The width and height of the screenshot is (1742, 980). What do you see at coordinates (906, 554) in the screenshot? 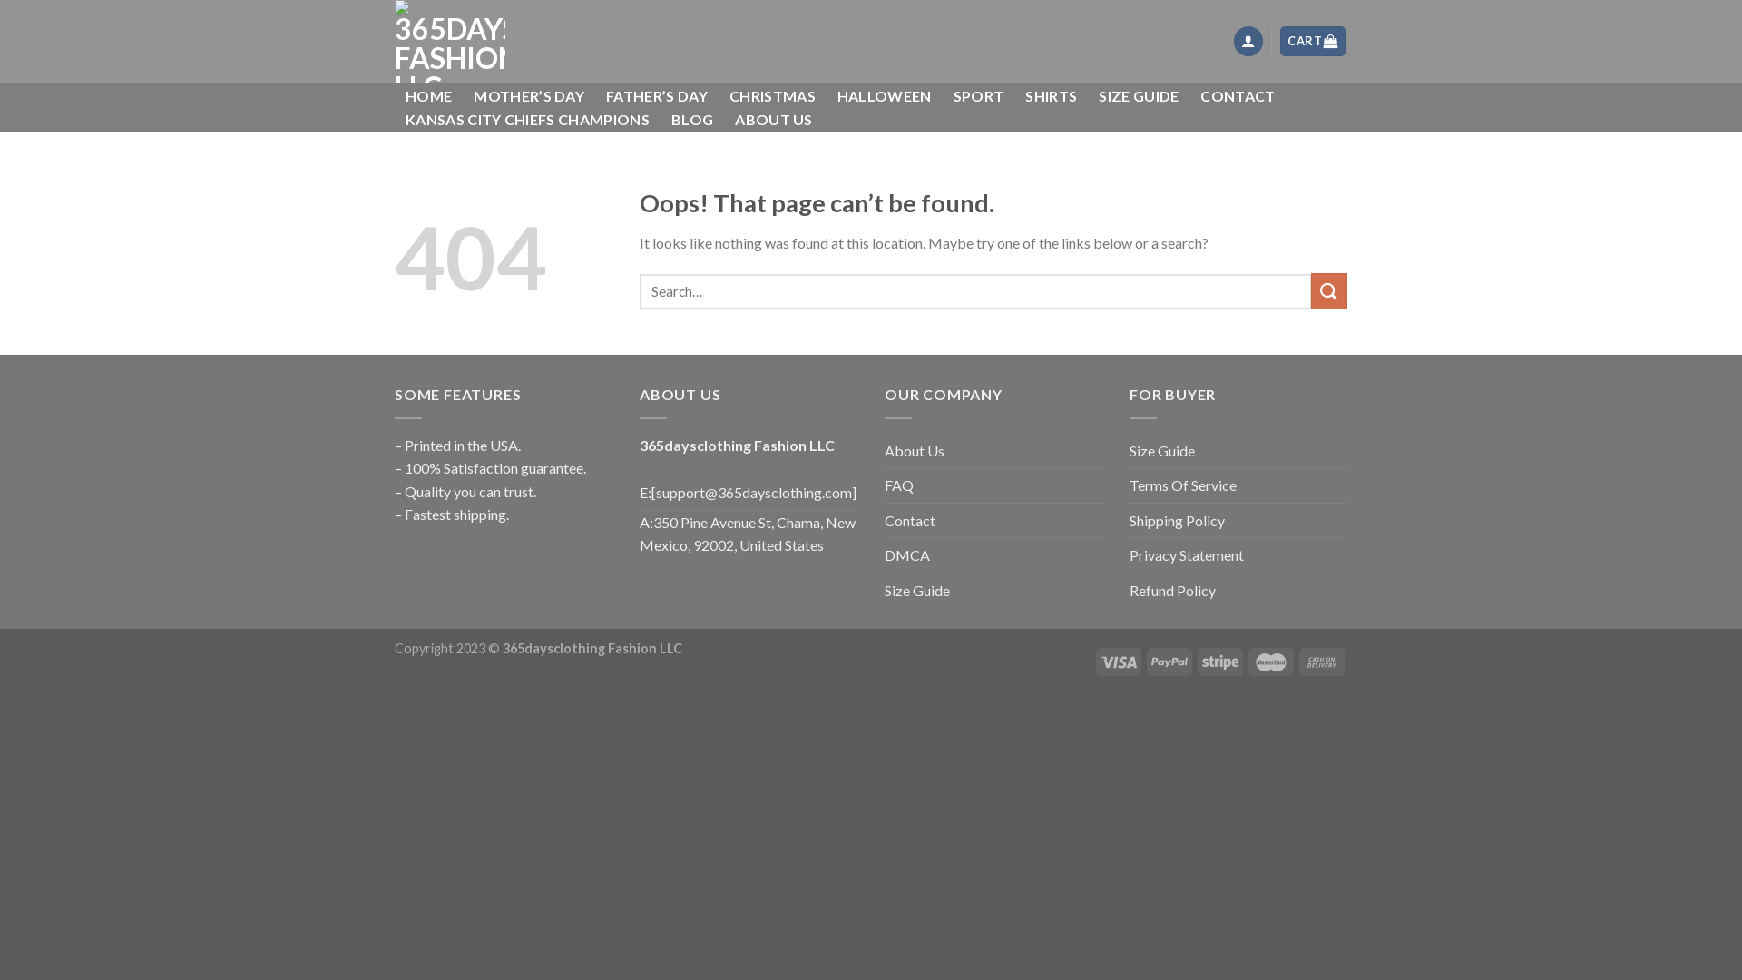
I see `'DMCA'` at bounding box center [906, 554].